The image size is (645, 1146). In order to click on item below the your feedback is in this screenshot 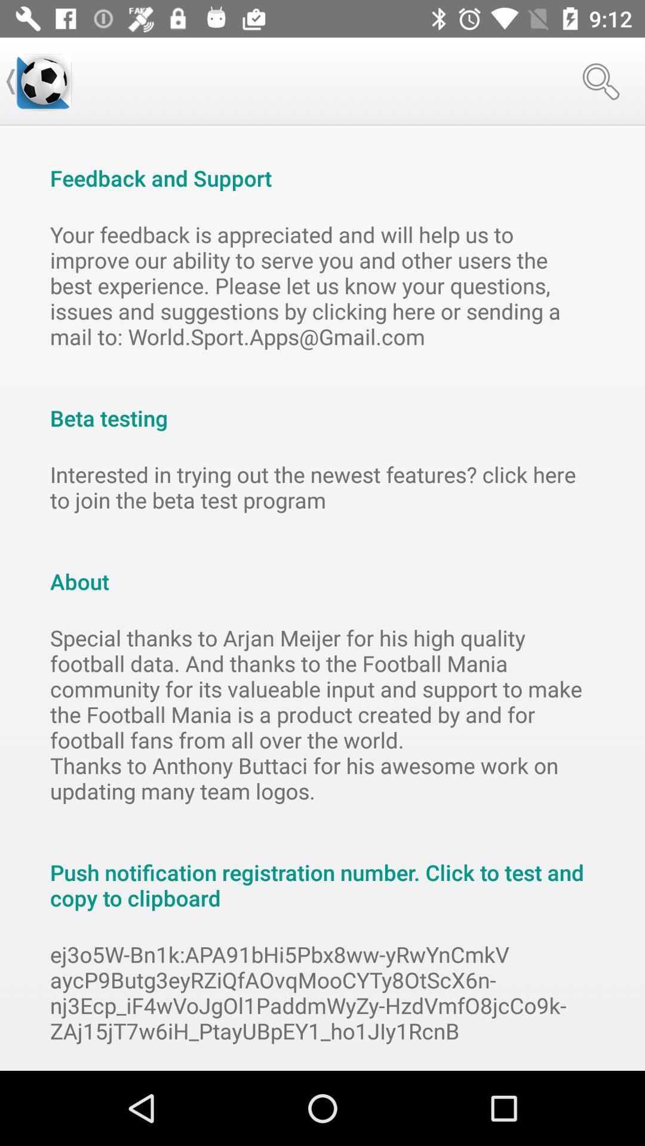, I will do `click(322, 405)`.